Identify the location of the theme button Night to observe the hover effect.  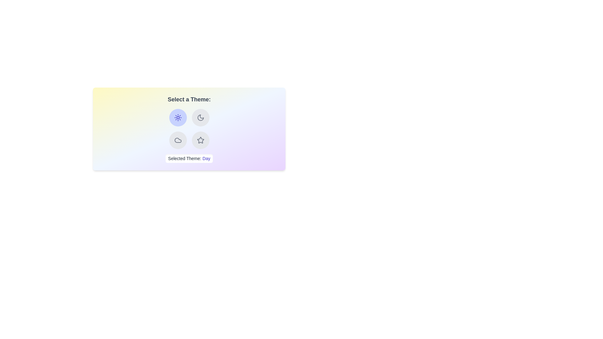
(200, 117).